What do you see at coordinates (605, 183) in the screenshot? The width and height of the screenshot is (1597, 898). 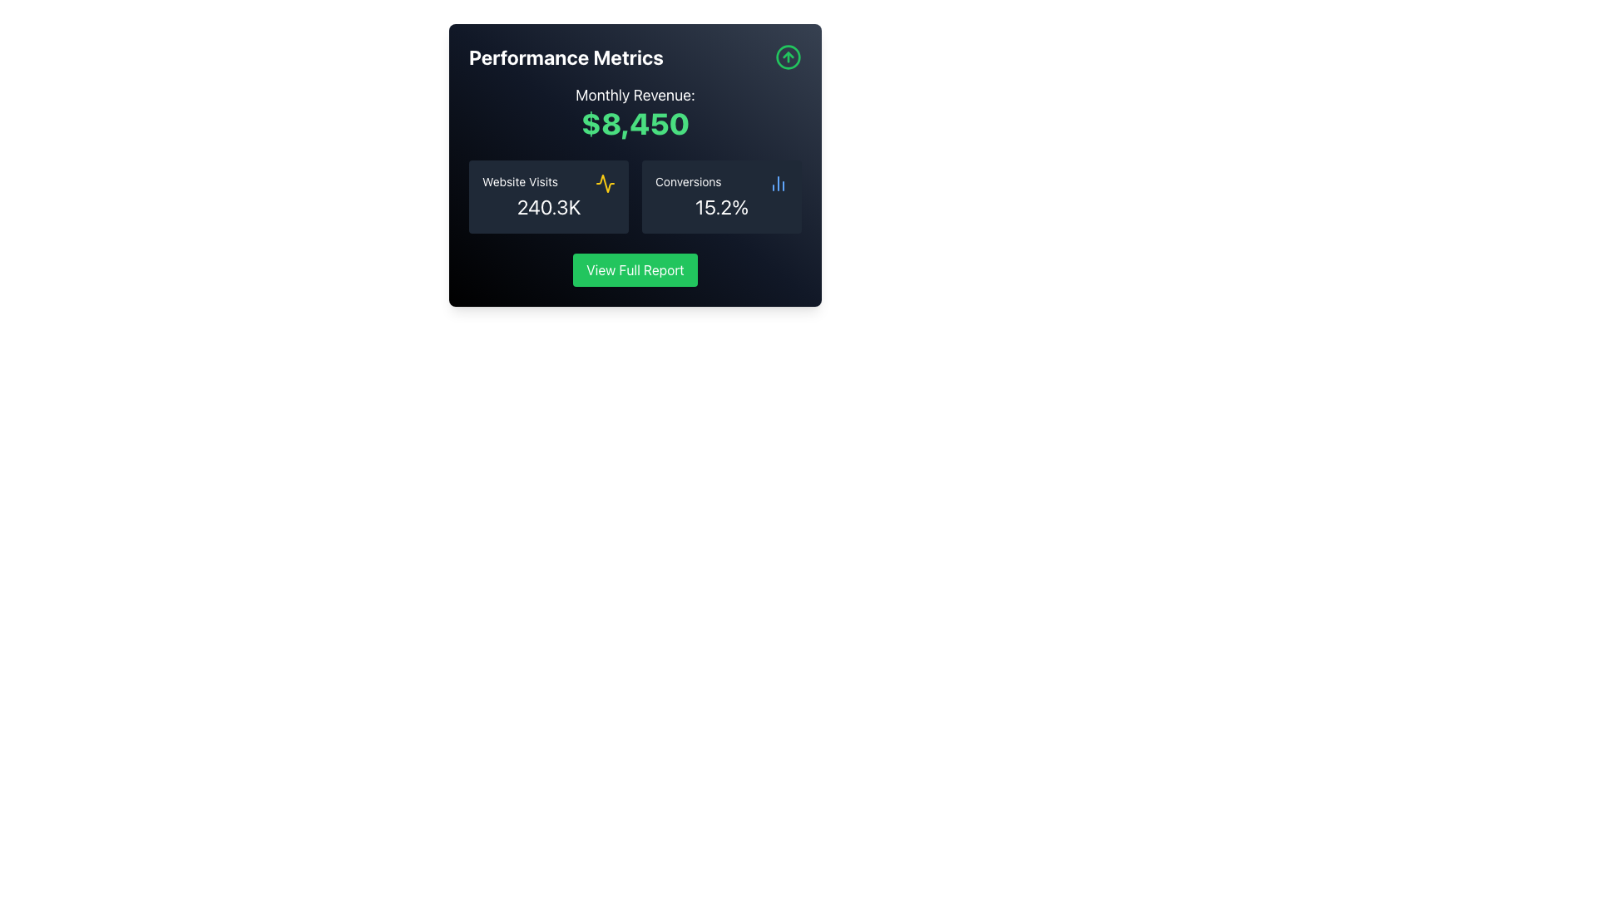 I see `the yellow-colored icon resembling a waveform or activity graph, which is located to the right of the text 'Website Visits' in a dark-colored background` at bounding box center [605, 183].